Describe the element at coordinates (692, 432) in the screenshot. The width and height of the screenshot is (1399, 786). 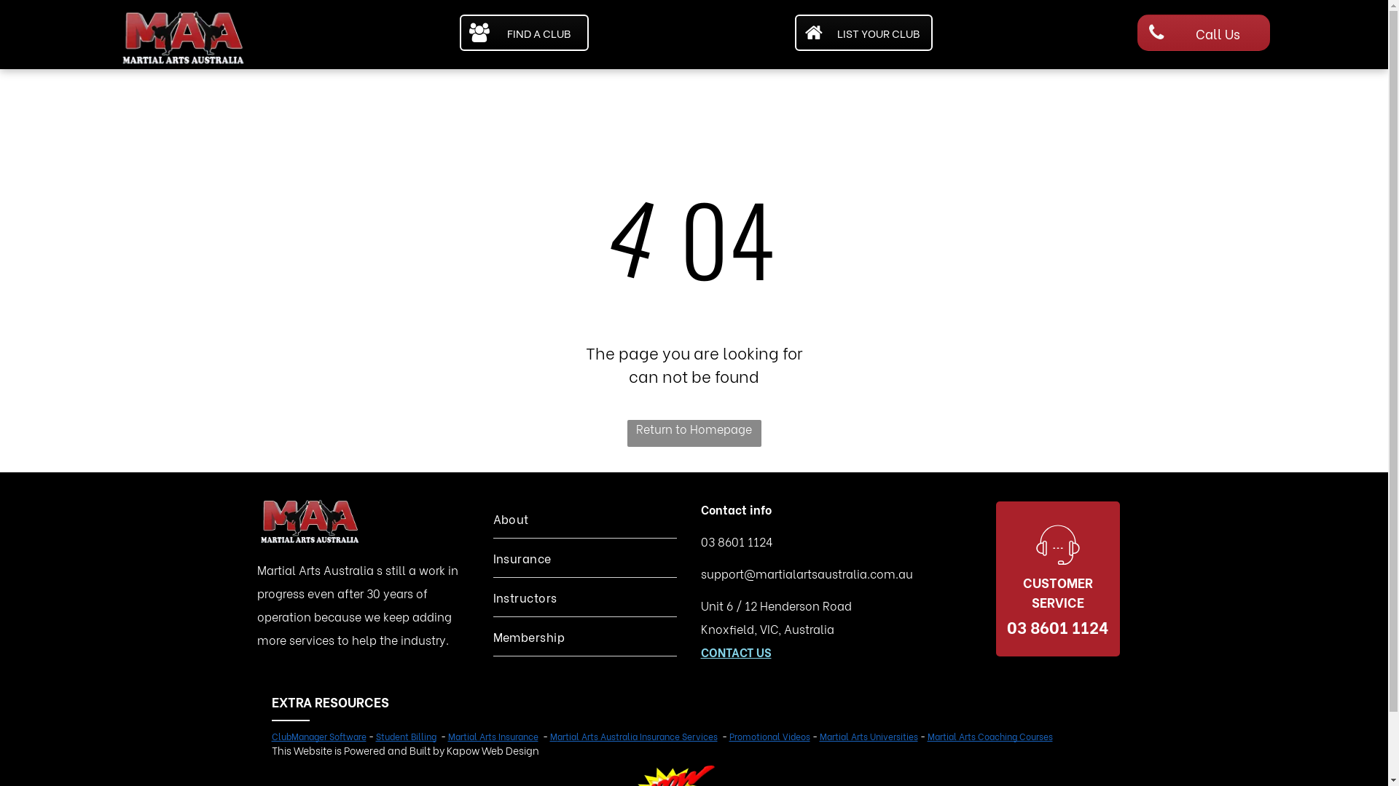
I see `'Return to Homepage'` at that location.